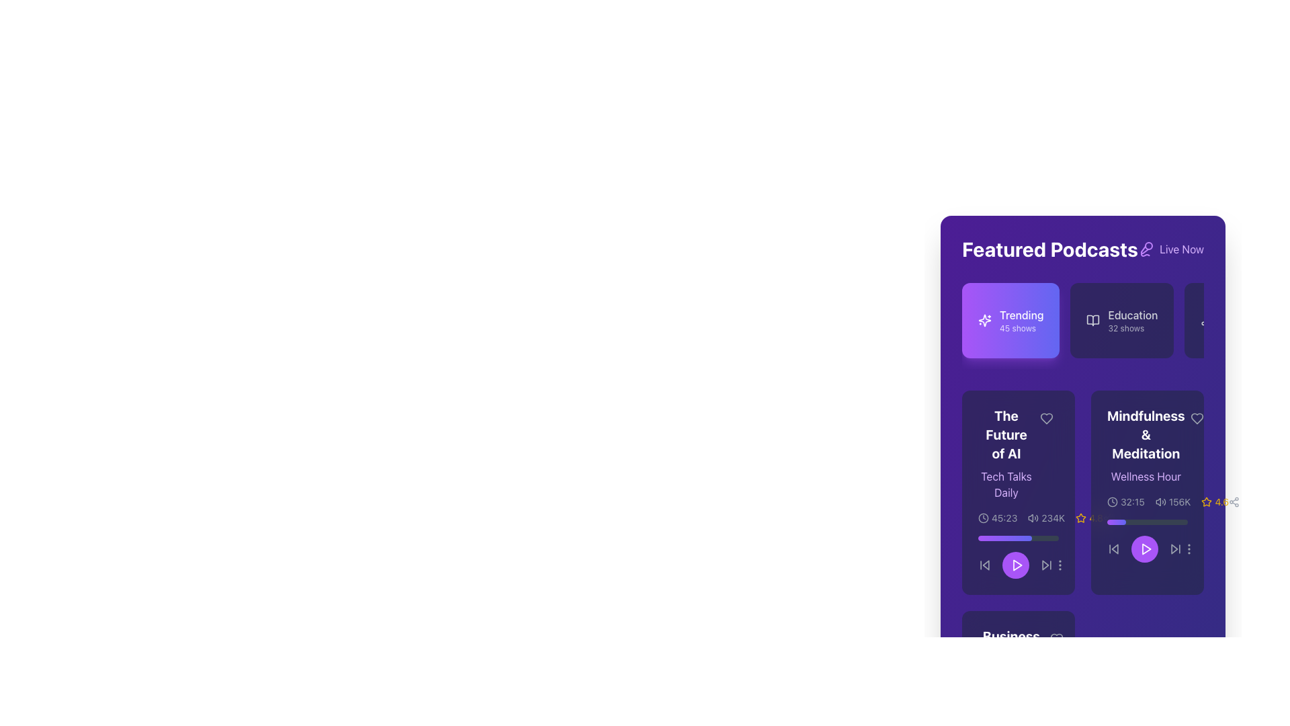 This screenshot has width=1290, height=726. What do you see at coordinates (1116, 521) in the screenshot?
I see `the left-most segment of the progress bar, which visually represents approximately 23% of the playback progression` at bounding box center [1116, 521].